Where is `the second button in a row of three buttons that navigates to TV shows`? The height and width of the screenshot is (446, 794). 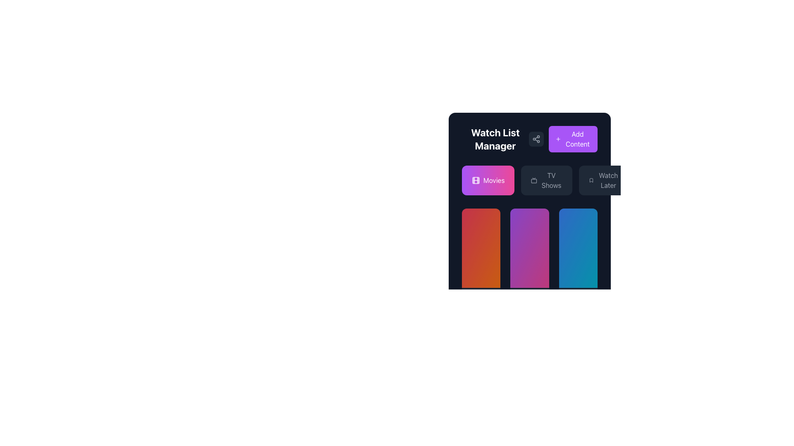
the second button in a row of three buttons that navigates to TV shows is located at coordinates (547, 180).